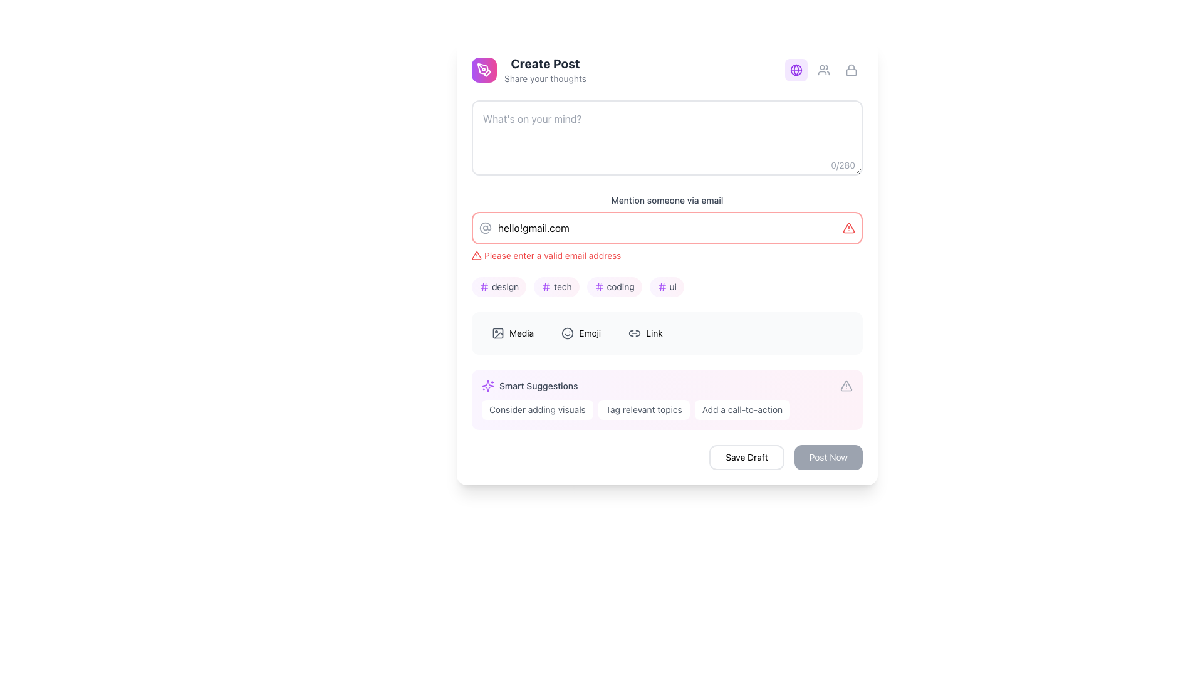  Describe the element at coordinates (796, 70) in the screenshot. I see `the purple globe icon located in the upper right corner of the interface` at that location.